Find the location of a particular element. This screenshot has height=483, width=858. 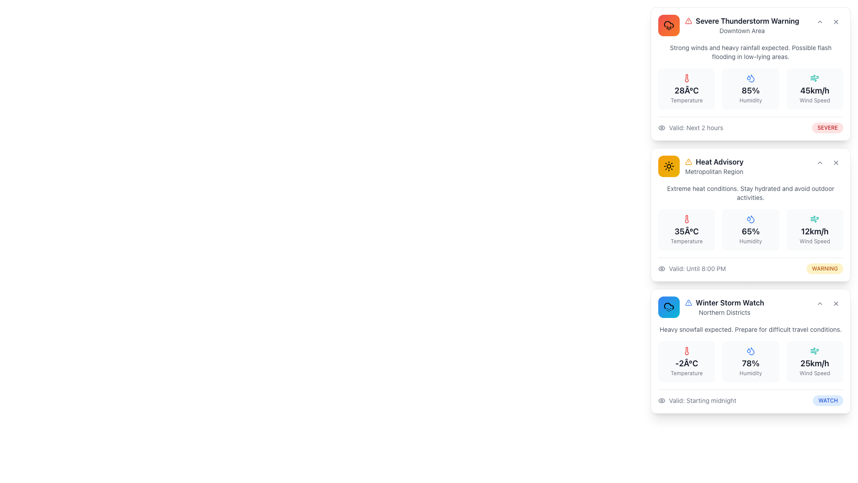

the first weather alert notification card at the top of the column, which delivers critical weather alert information including temperature and wind speed is located at coordinates (751, 73).